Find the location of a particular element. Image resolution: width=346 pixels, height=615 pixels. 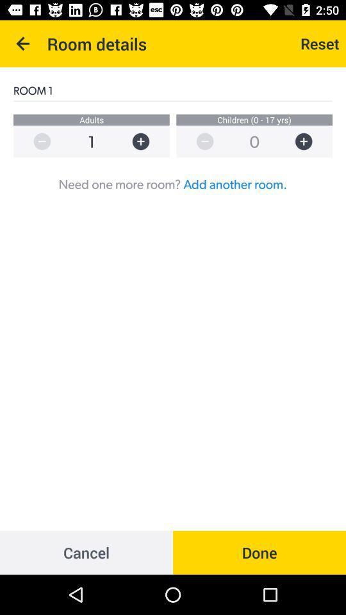

the icon above the room 1 item is located at coordinates (319, 44).